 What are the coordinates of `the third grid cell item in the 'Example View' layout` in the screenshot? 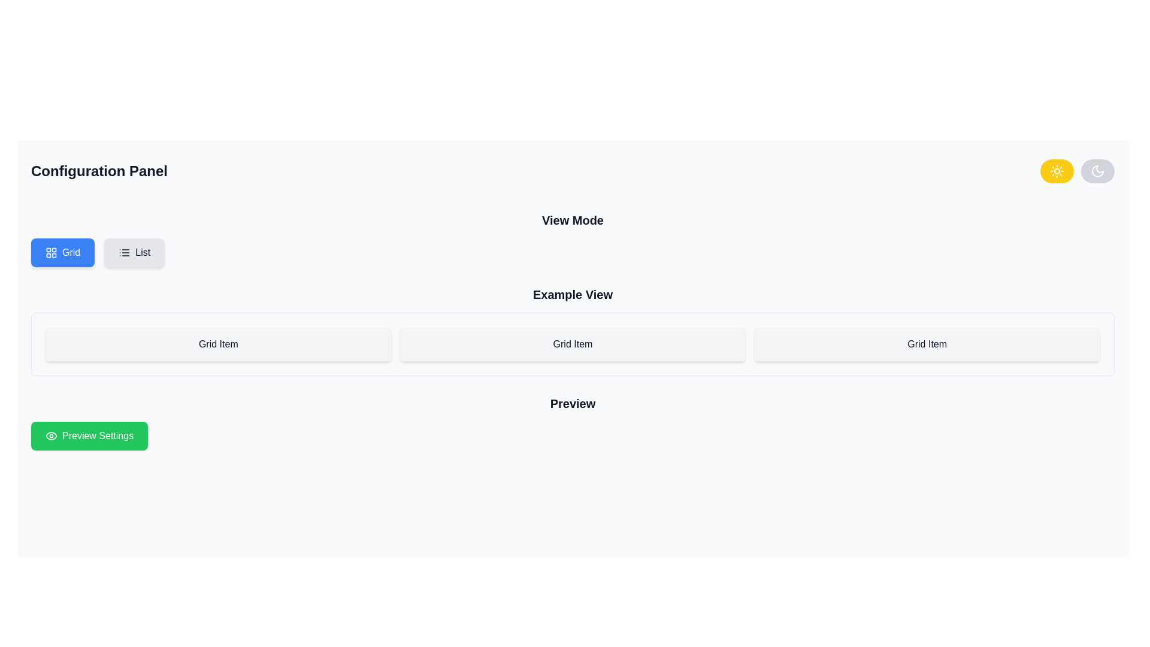 It's located at (927, 344).